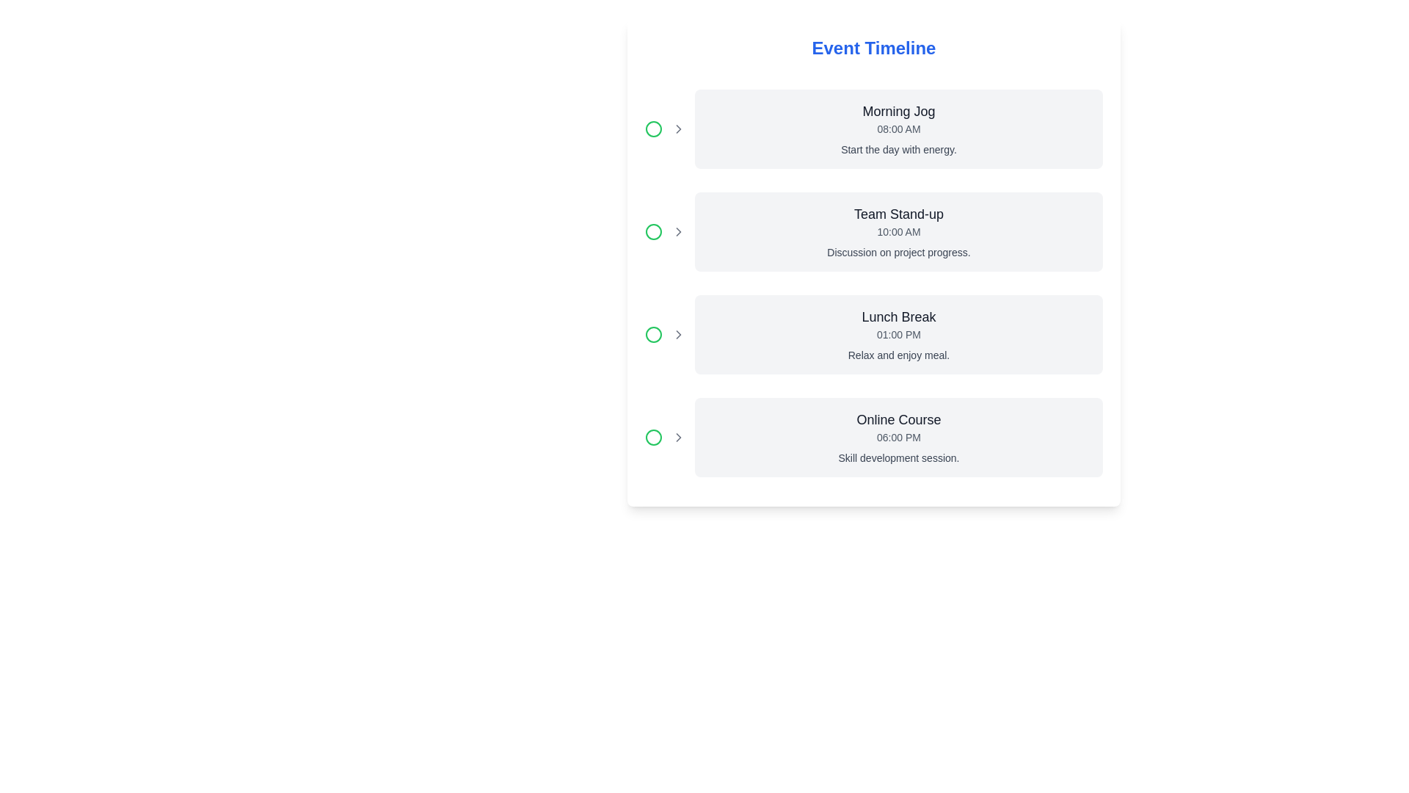  What do you see at coordinates (898, 214) in the screenshot?
I see `the text label displaying 'Team Stand-up' which is located in the second row of a vertically organized list of events` at bounding box center [898, 214].